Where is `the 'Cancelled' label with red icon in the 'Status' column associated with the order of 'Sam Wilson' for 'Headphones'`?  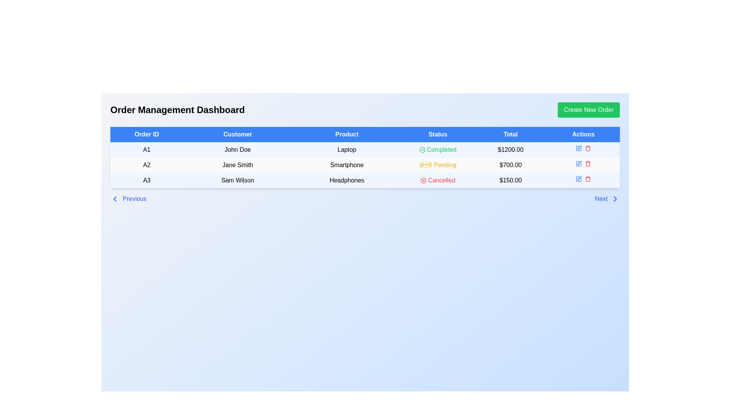
the 'Cancelled' label with red icon in the 'Status' column associated with the order of 'Sam Wilson' for 'Headphones' is located at coordinates (438, 180).